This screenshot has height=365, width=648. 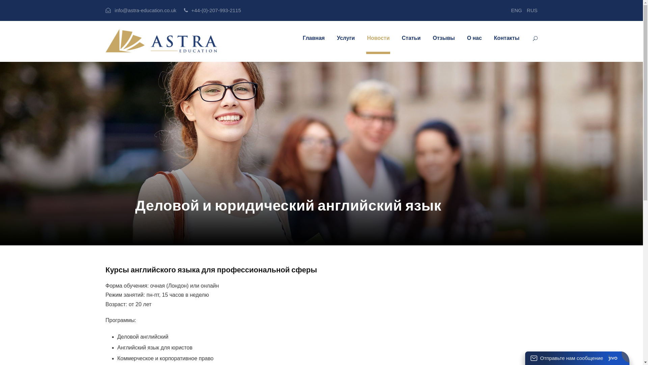 I want to click on 'RUS', so click(x=523, y=10).